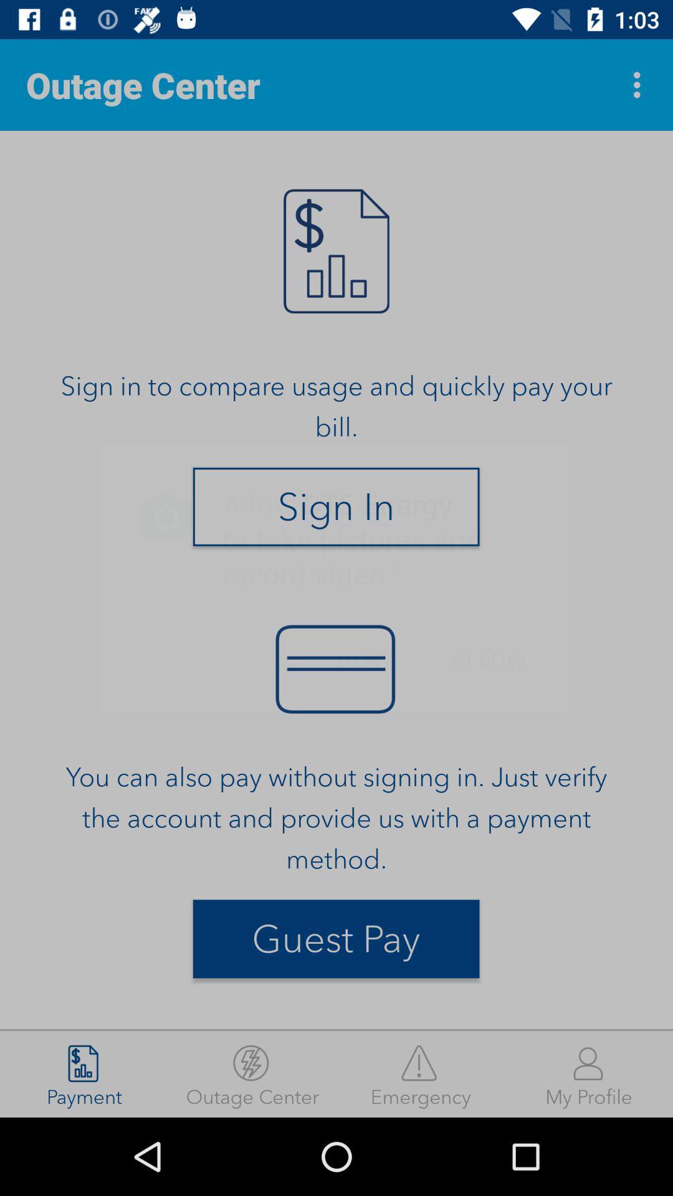 The height and width of the screenshot is (1196, 673). Describe the element at coordinates (589, 1073) in the screenshot. I see `the my profile item` at that location.